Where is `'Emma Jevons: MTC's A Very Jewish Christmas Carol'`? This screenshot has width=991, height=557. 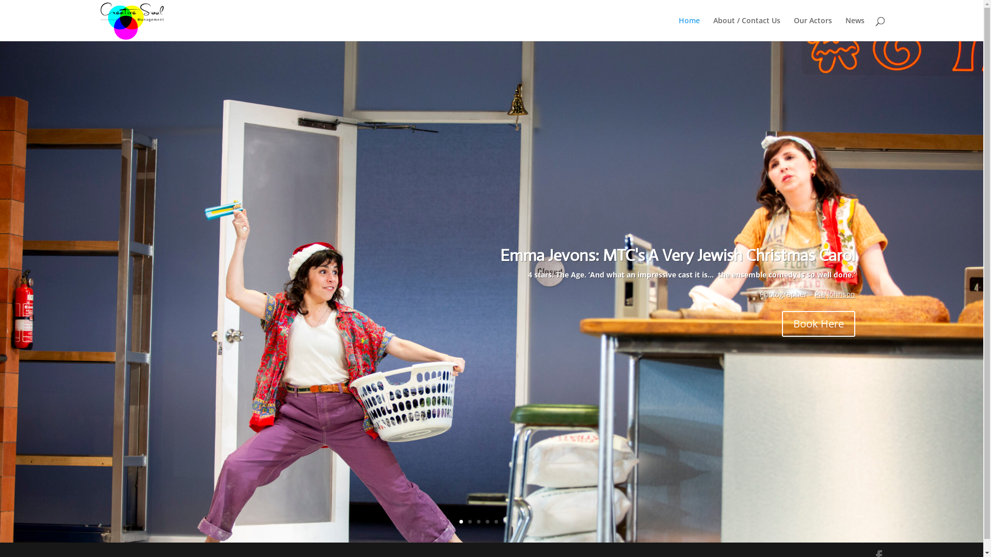 'Emma Jevons: MTC's A Very Jewish Christmas Carol' is located at coordinates (678, 255).